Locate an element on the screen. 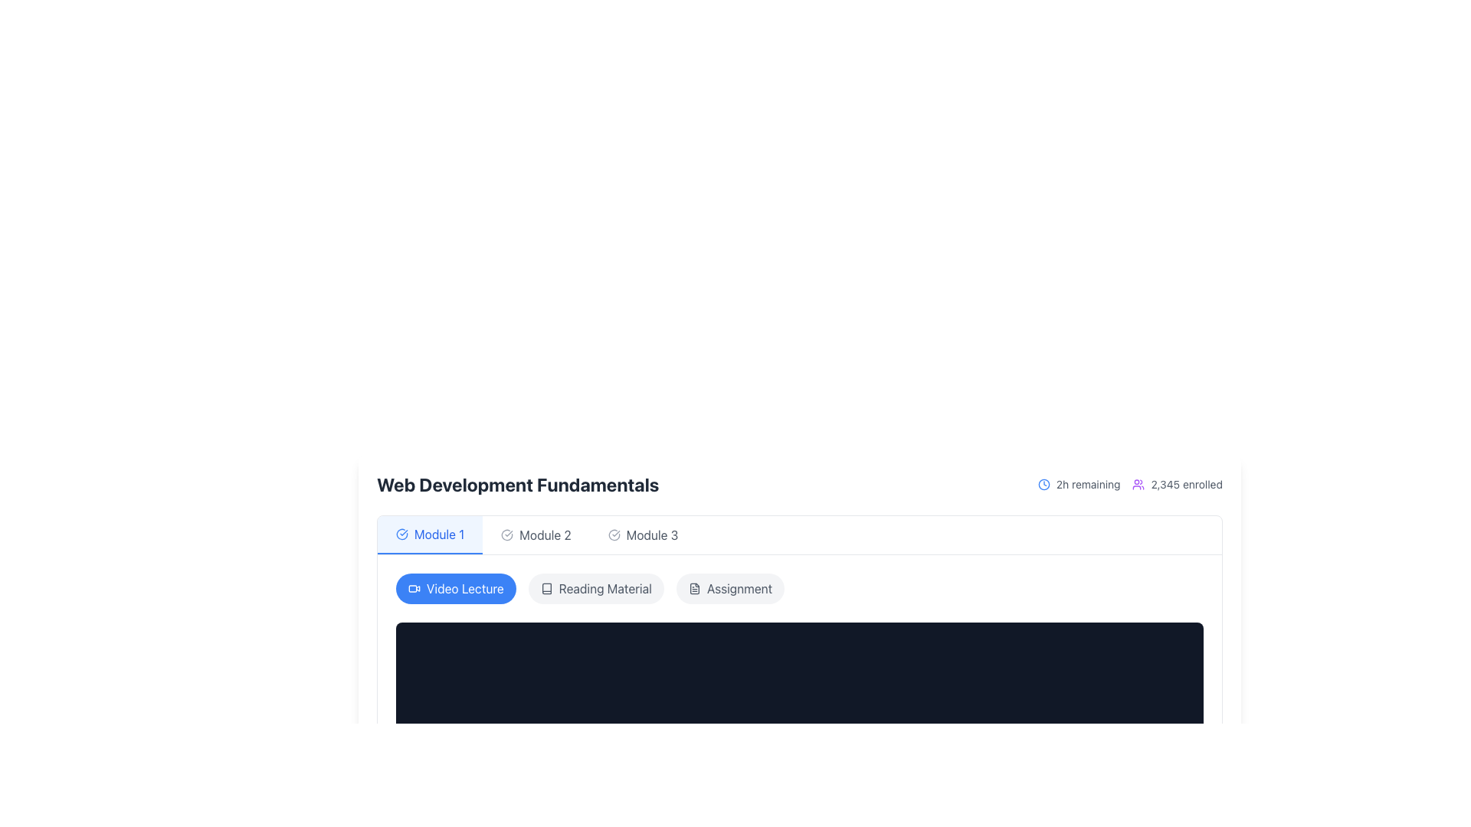  the document icon, which is a minimalistic, vertically-oriented rectangular graphical representation with a folded corner, located within an SVG graphic is located at coordinates (693, 587).